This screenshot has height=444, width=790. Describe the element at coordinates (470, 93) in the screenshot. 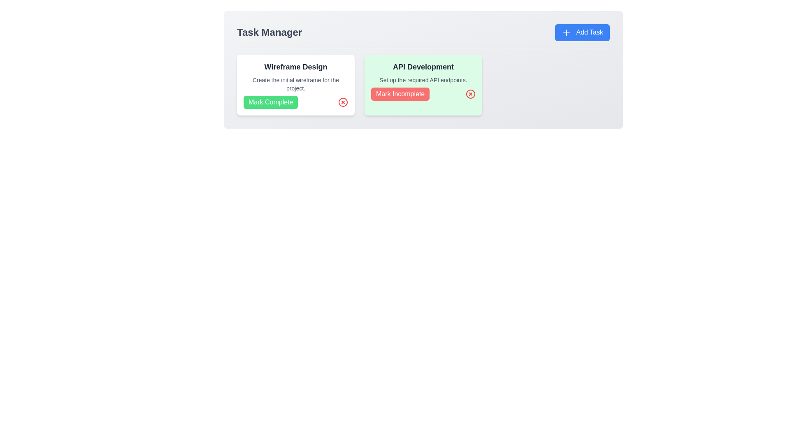

I see `the circular icon with a red border and an 'X' symbol inside, located in the 'API Development' task card` at that location.